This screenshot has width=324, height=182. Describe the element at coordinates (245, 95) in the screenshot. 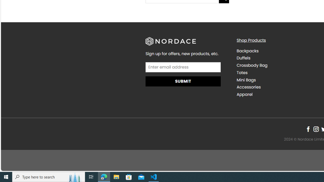

I see `'Apparel'` at that location.